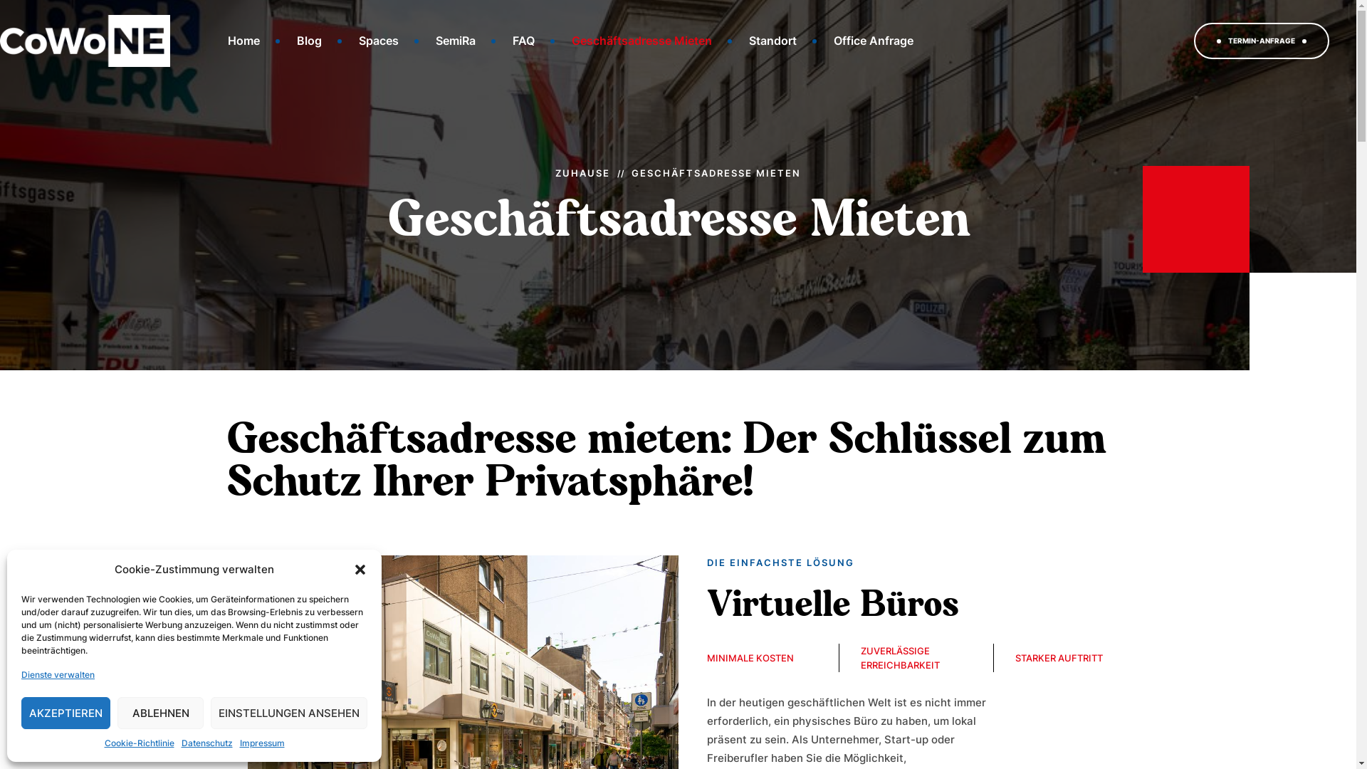  What do you see at coordinates (308, 40) in the screenshot?
I see `'Blog'` at bounding box center [308, 40].